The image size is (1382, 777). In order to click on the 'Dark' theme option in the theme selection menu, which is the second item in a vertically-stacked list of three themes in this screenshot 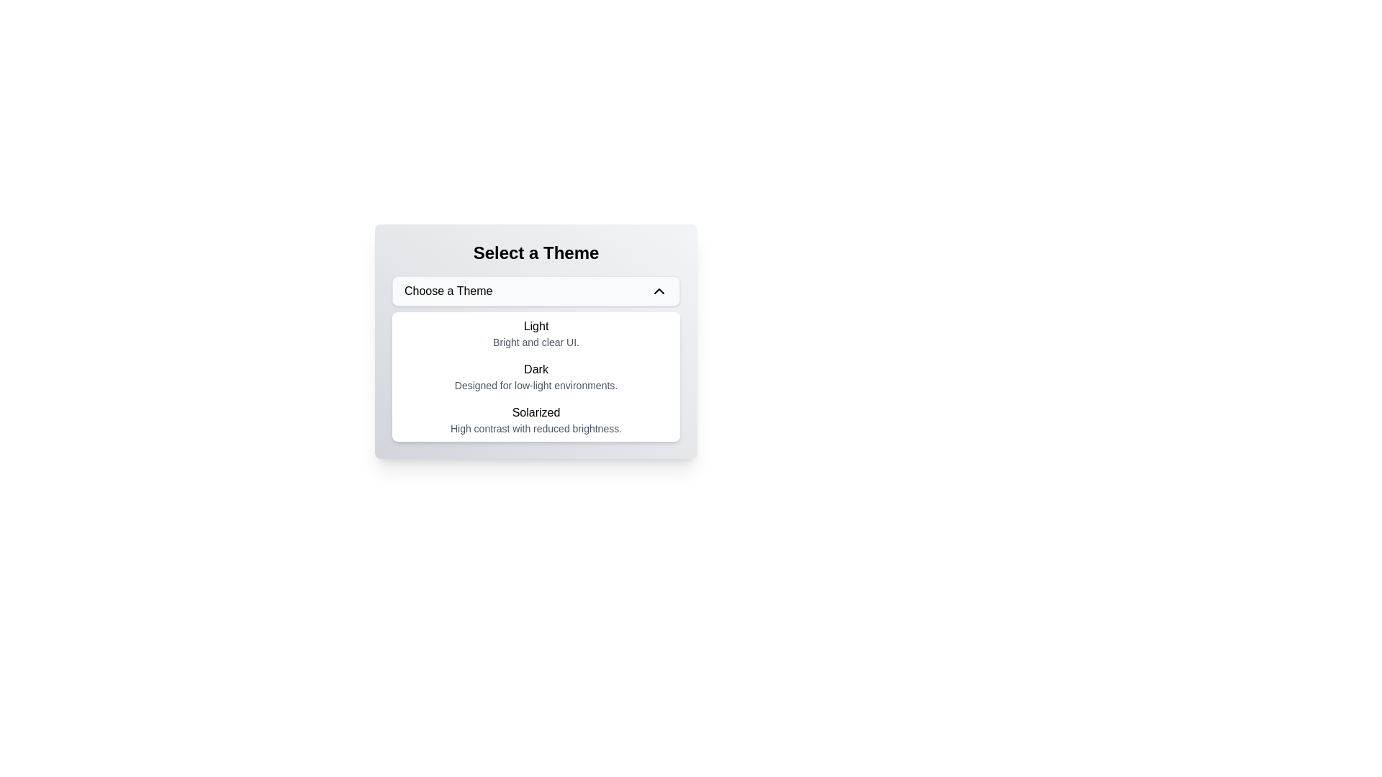, I will do `click(535, 376)`.